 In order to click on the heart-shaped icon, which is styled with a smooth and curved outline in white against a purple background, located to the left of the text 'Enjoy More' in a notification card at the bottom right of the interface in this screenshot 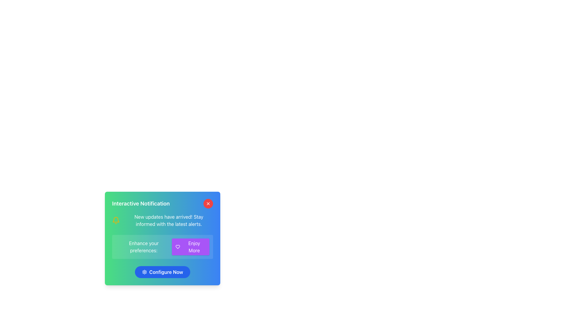, I will do `click(177, 247)`.